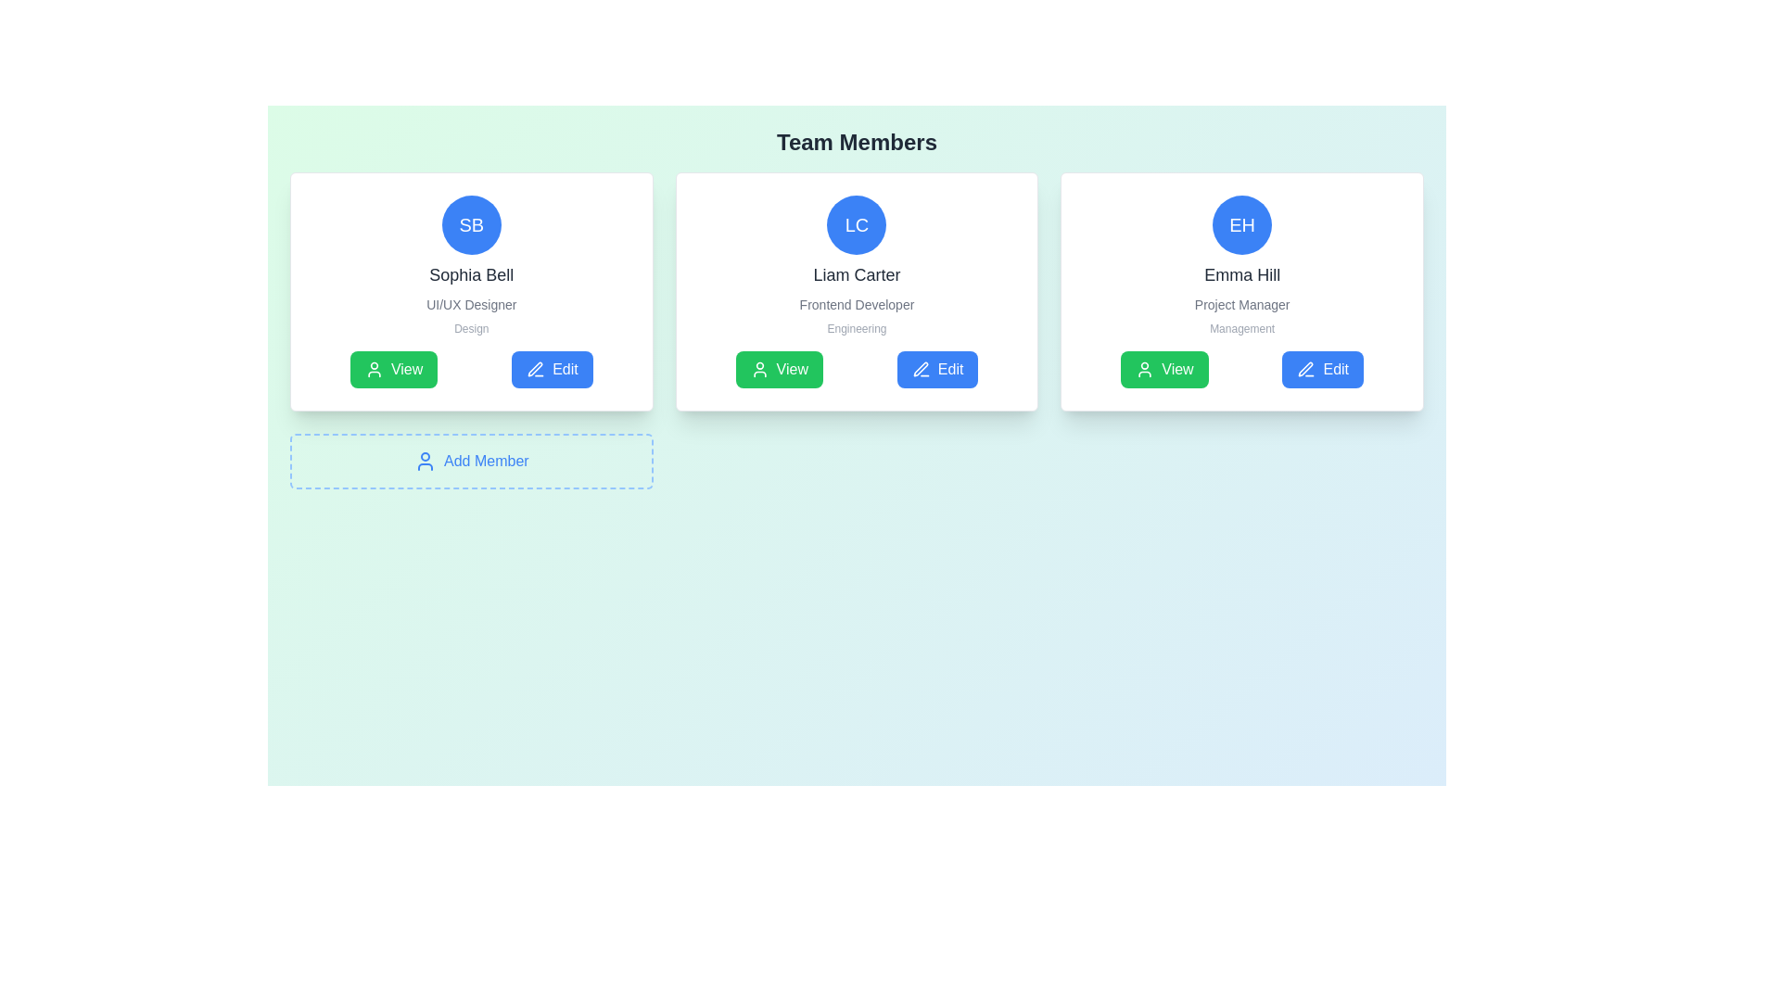 The image size is (1780, 1001). Describe the element at coordinates (393, 369) in the screenshot. I see `the first button in the horizontal group located at the lower section of the first team member card` at that location.